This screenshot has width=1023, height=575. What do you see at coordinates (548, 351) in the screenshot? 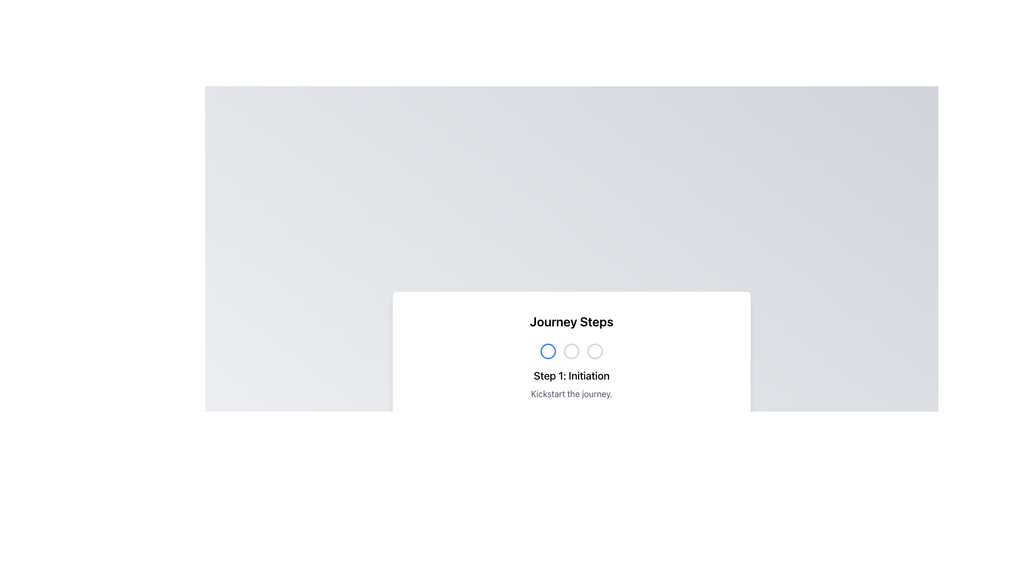
I see `the first Circle graphic that indicates the status of the first step in the process, located under 'Journey Steps' and above 'Step 1: Initiation'` at bounding box center [548, 351].